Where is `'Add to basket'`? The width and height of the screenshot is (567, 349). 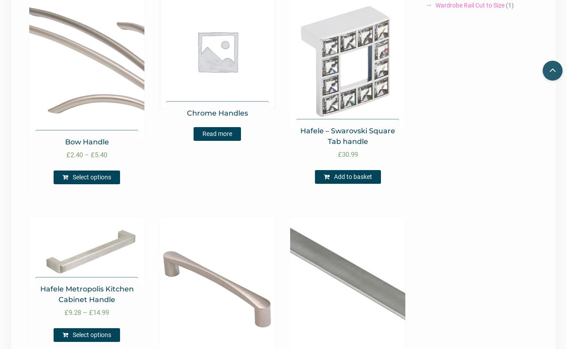
'Add to basket' is located at coordinates (352, 176).